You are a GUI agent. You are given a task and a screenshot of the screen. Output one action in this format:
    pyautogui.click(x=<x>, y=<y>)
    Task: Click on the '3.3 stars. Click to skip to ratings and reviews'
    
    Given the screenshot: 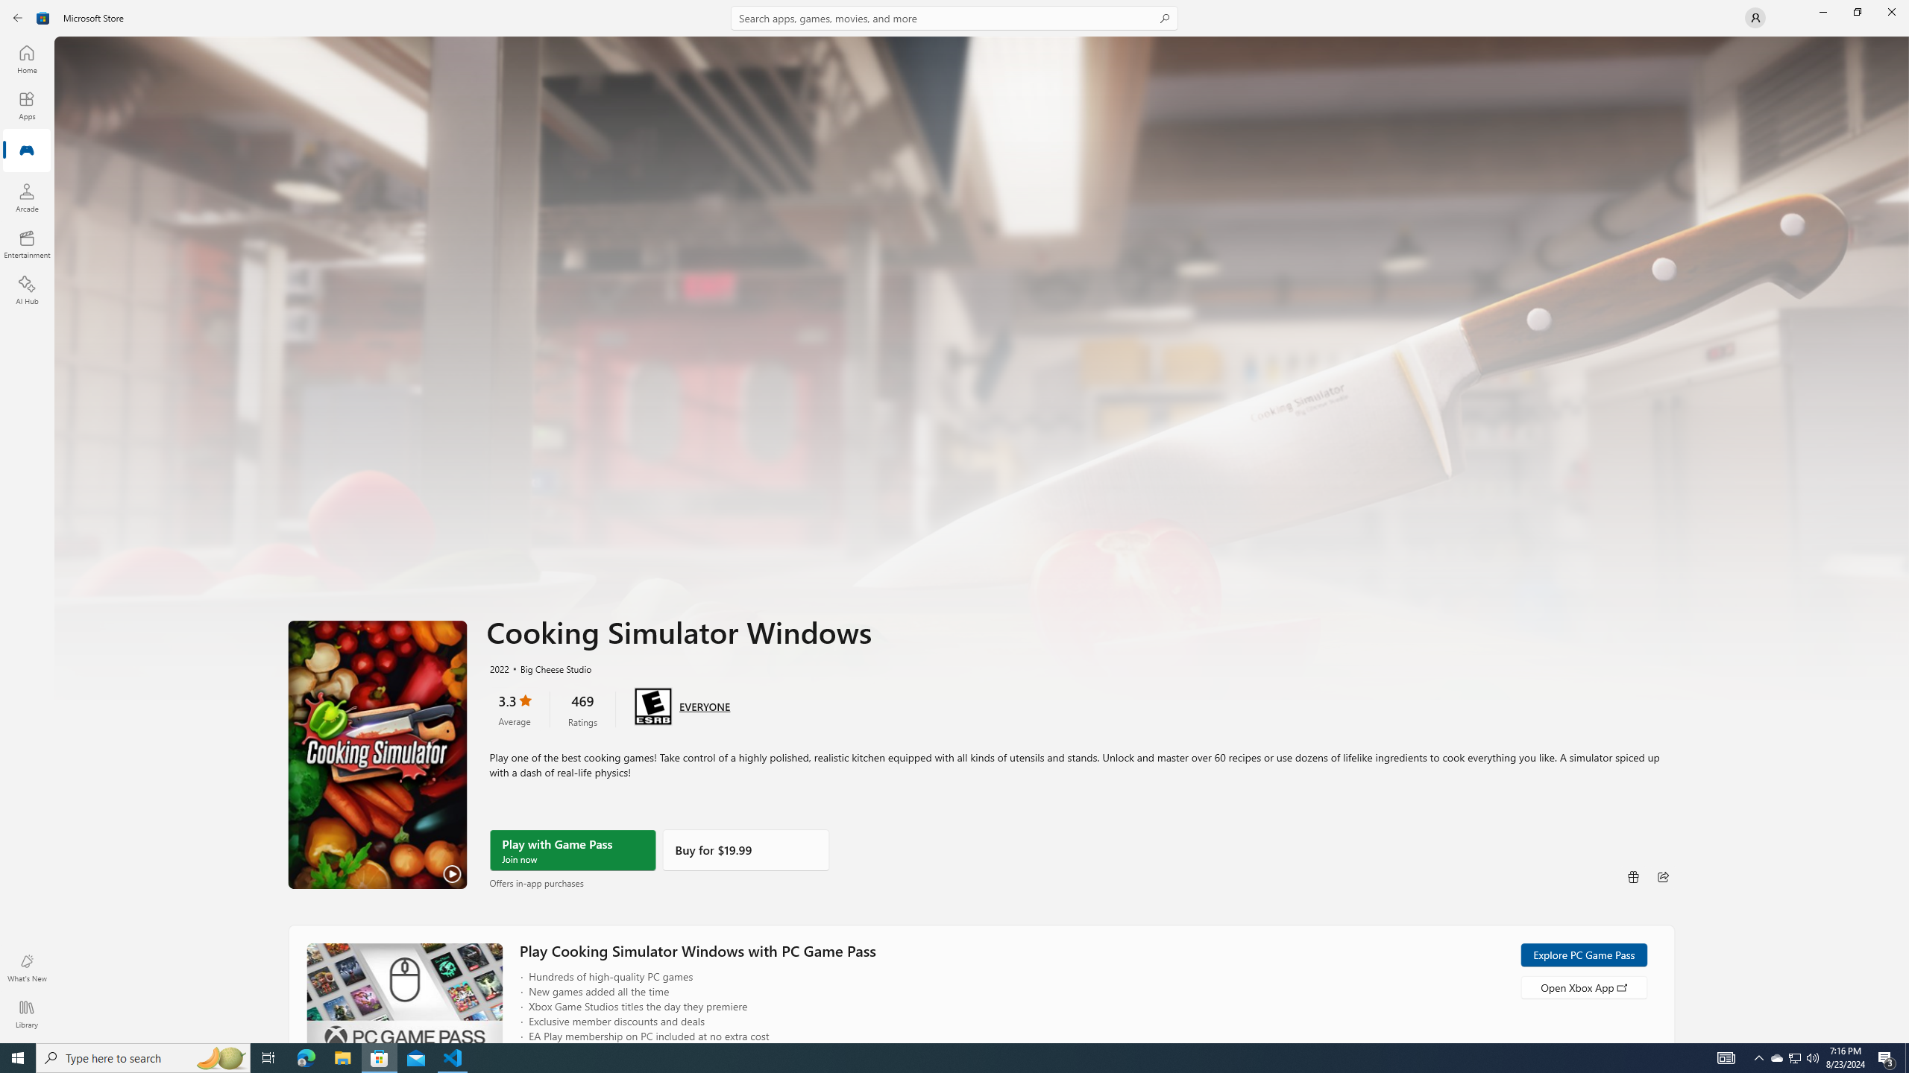 What is the action you would take?
    pyautogui.click(x=513, y=708)
    